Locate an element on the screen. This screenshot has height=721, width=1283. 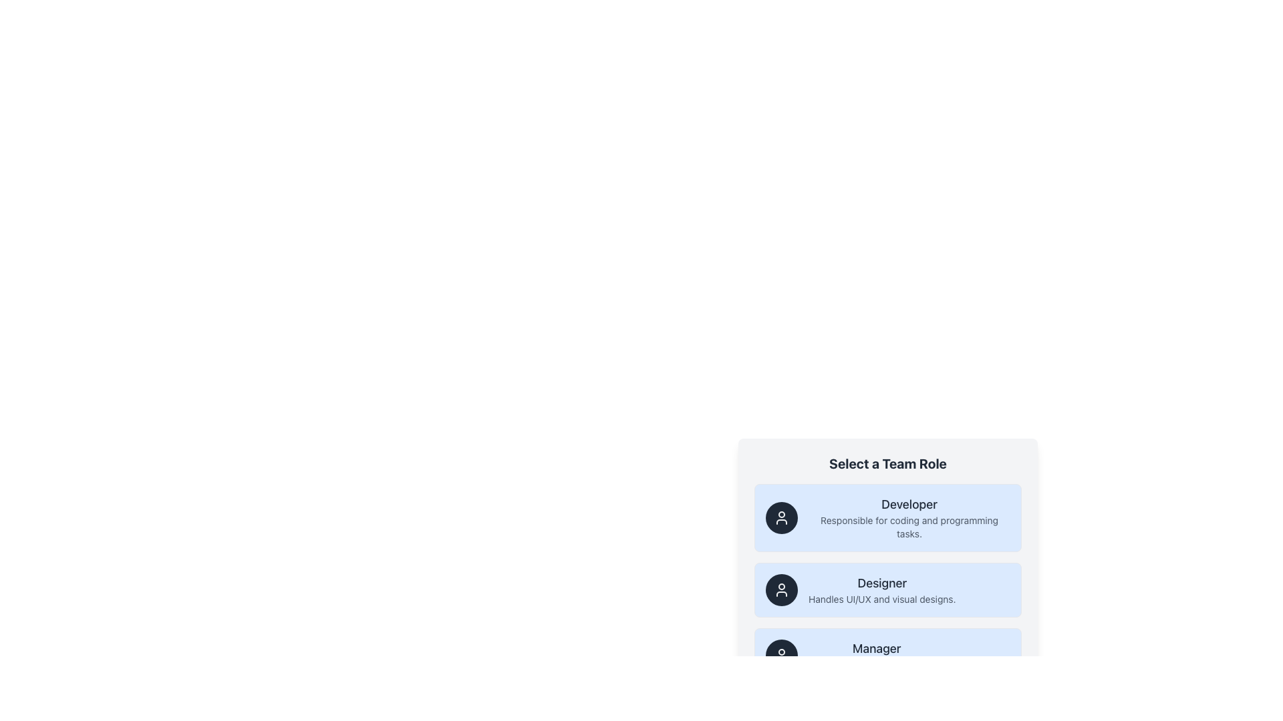
the details presented in the text block titled 'Designer' within the second selectable card that has a light blue background is located at coordinates (882, 589).